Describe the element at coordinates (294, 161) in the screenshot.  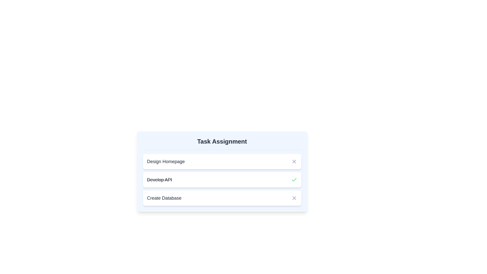
I see `the red visual marker styled as a diagonal cross, which is located within a button-like element adjacent to the text 'Design Homepage'` at that location.